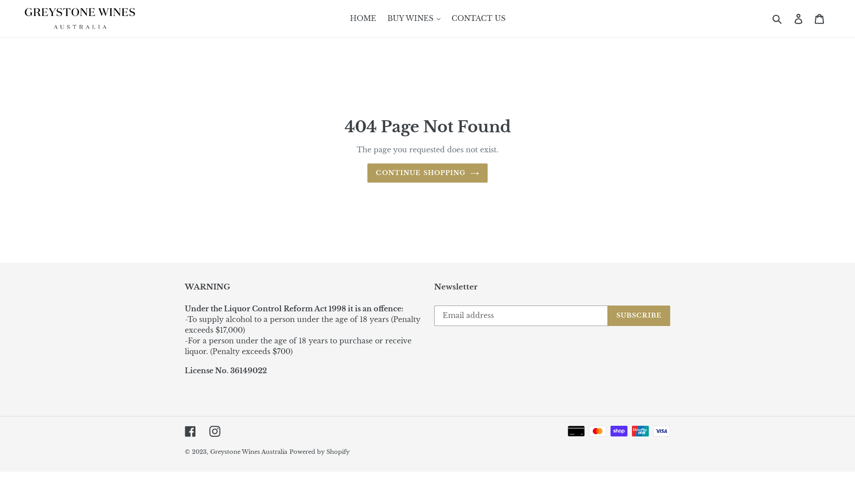 The image size is (855, 481). I want to click on 'Facebook', so click(190, 431).